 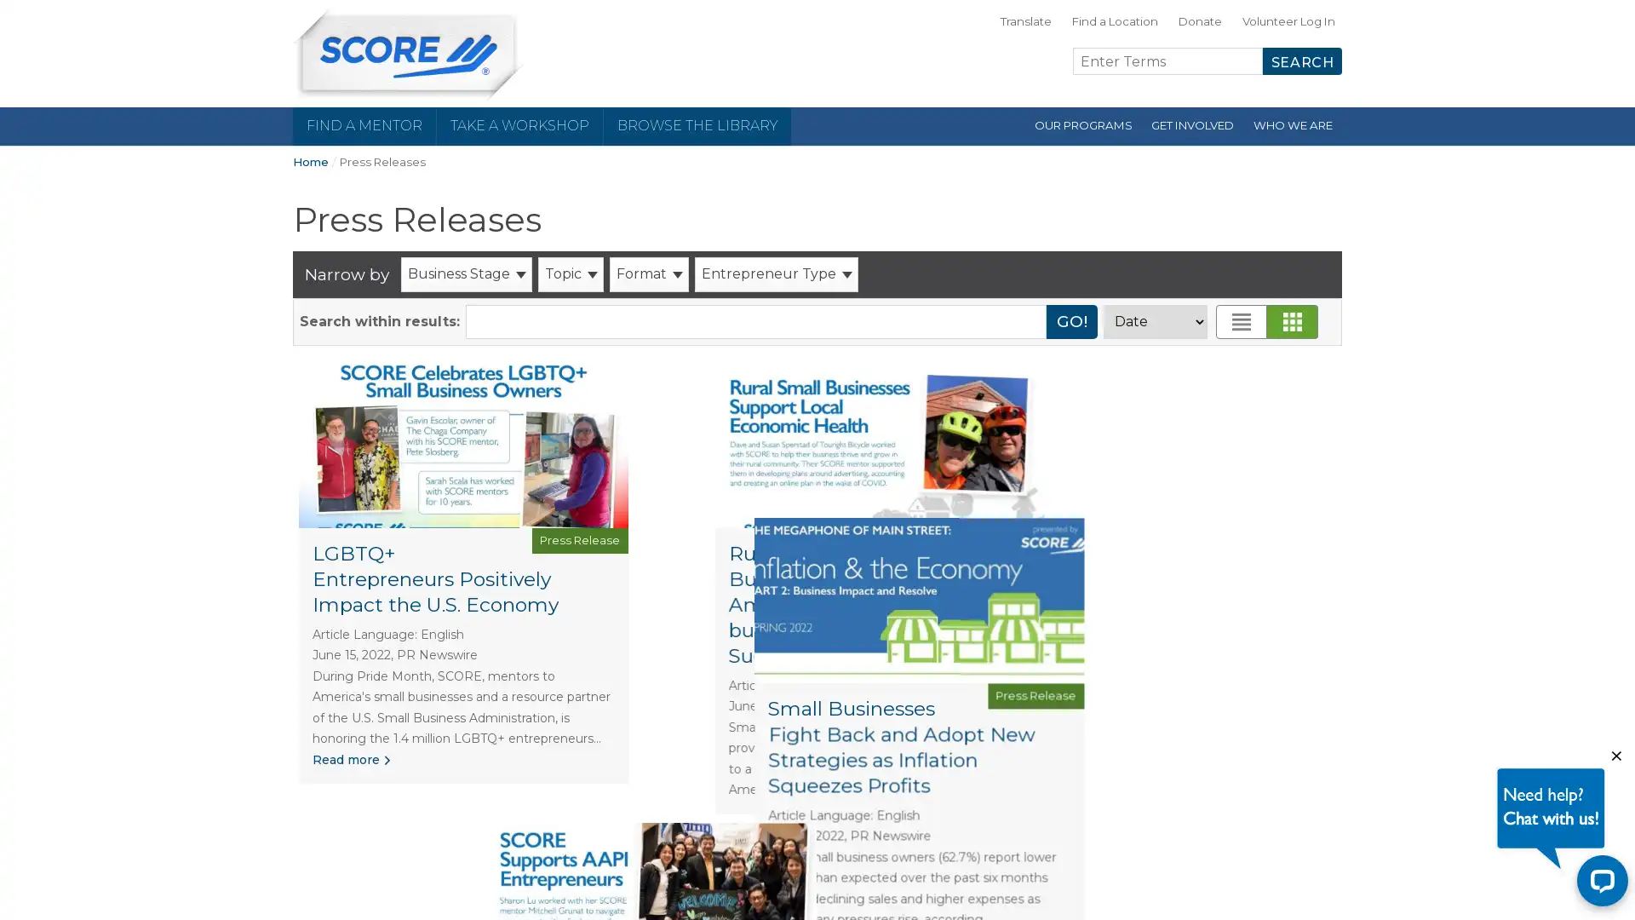 What do you see at coordinates (1070, 321) in the screenshot?
I see `Submit [to search by keyword` at bounding box center [1070, 321].